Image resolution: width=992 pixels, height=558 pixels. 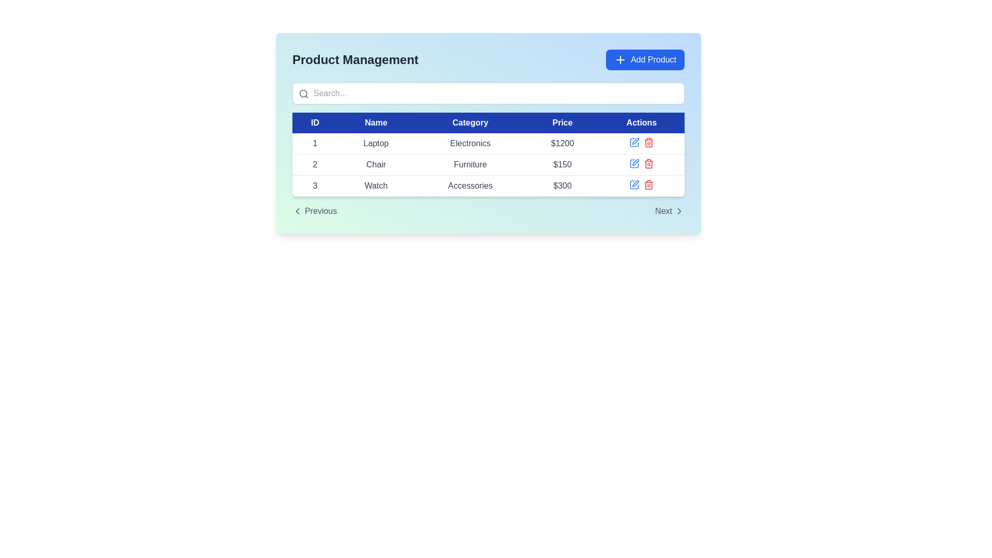 I want to click on the red trash can icon button in the third row of the 'Actions' column, so click(x=648, y=184).